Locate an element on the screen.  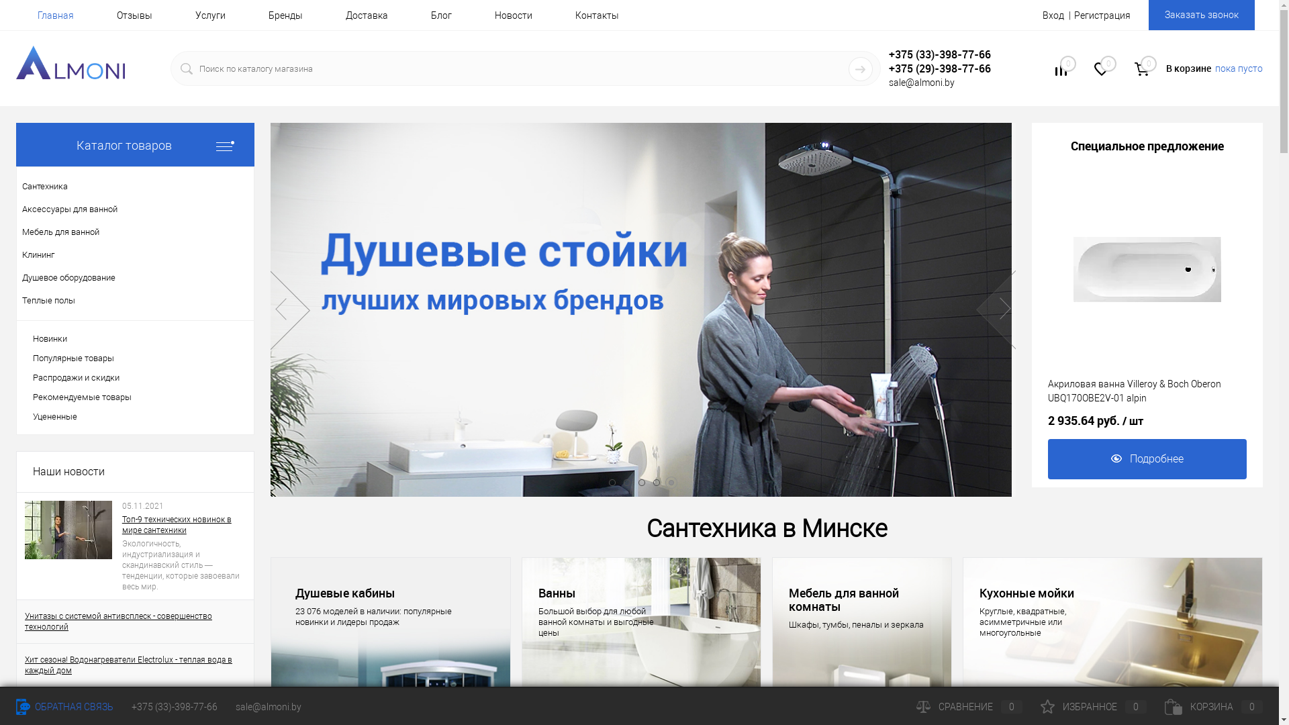
'Y' is located at coordinates (860, 69).